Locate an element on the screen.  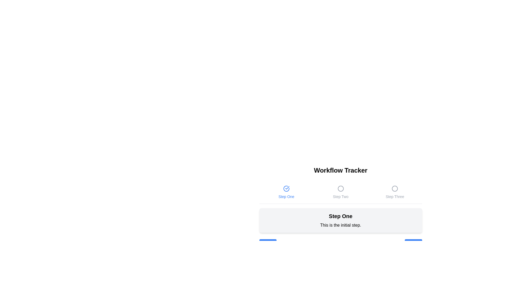
the Text Label displaying 'Step Three' in light gray, positioned below the Workflow Tracker heading is located at coordinates (395, 197).